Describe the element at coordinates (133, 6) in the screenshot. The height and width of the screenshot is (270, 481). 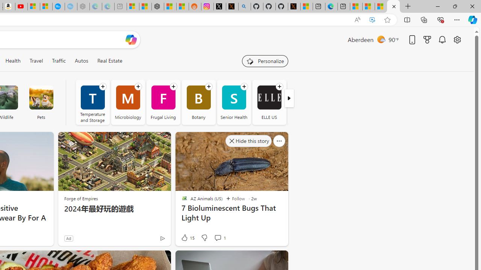
I see `'Microsoft account | Microsoft Account Privacy Settings'` at that location.